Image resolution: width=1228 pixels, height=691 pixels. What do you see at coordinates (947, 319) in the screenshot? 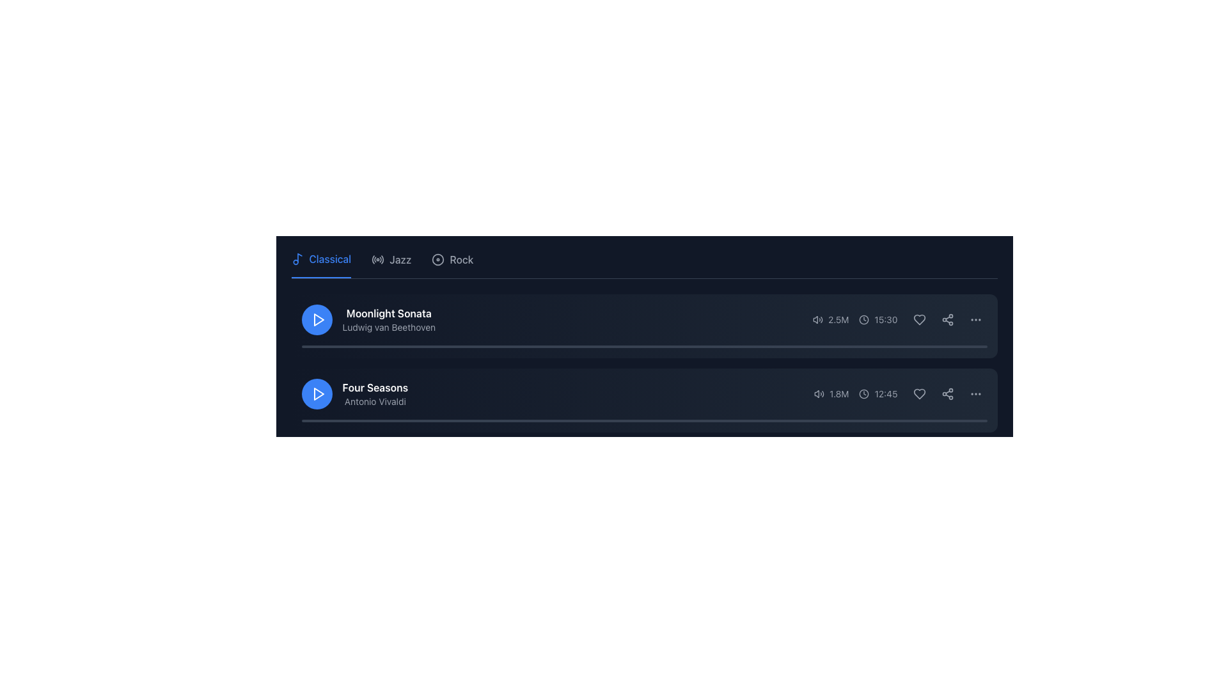
I see `the share icon, which is the second icon in a group of three located to the right of the row with the text '2.5M' and '15:30'` at bounding box center [947, 319].